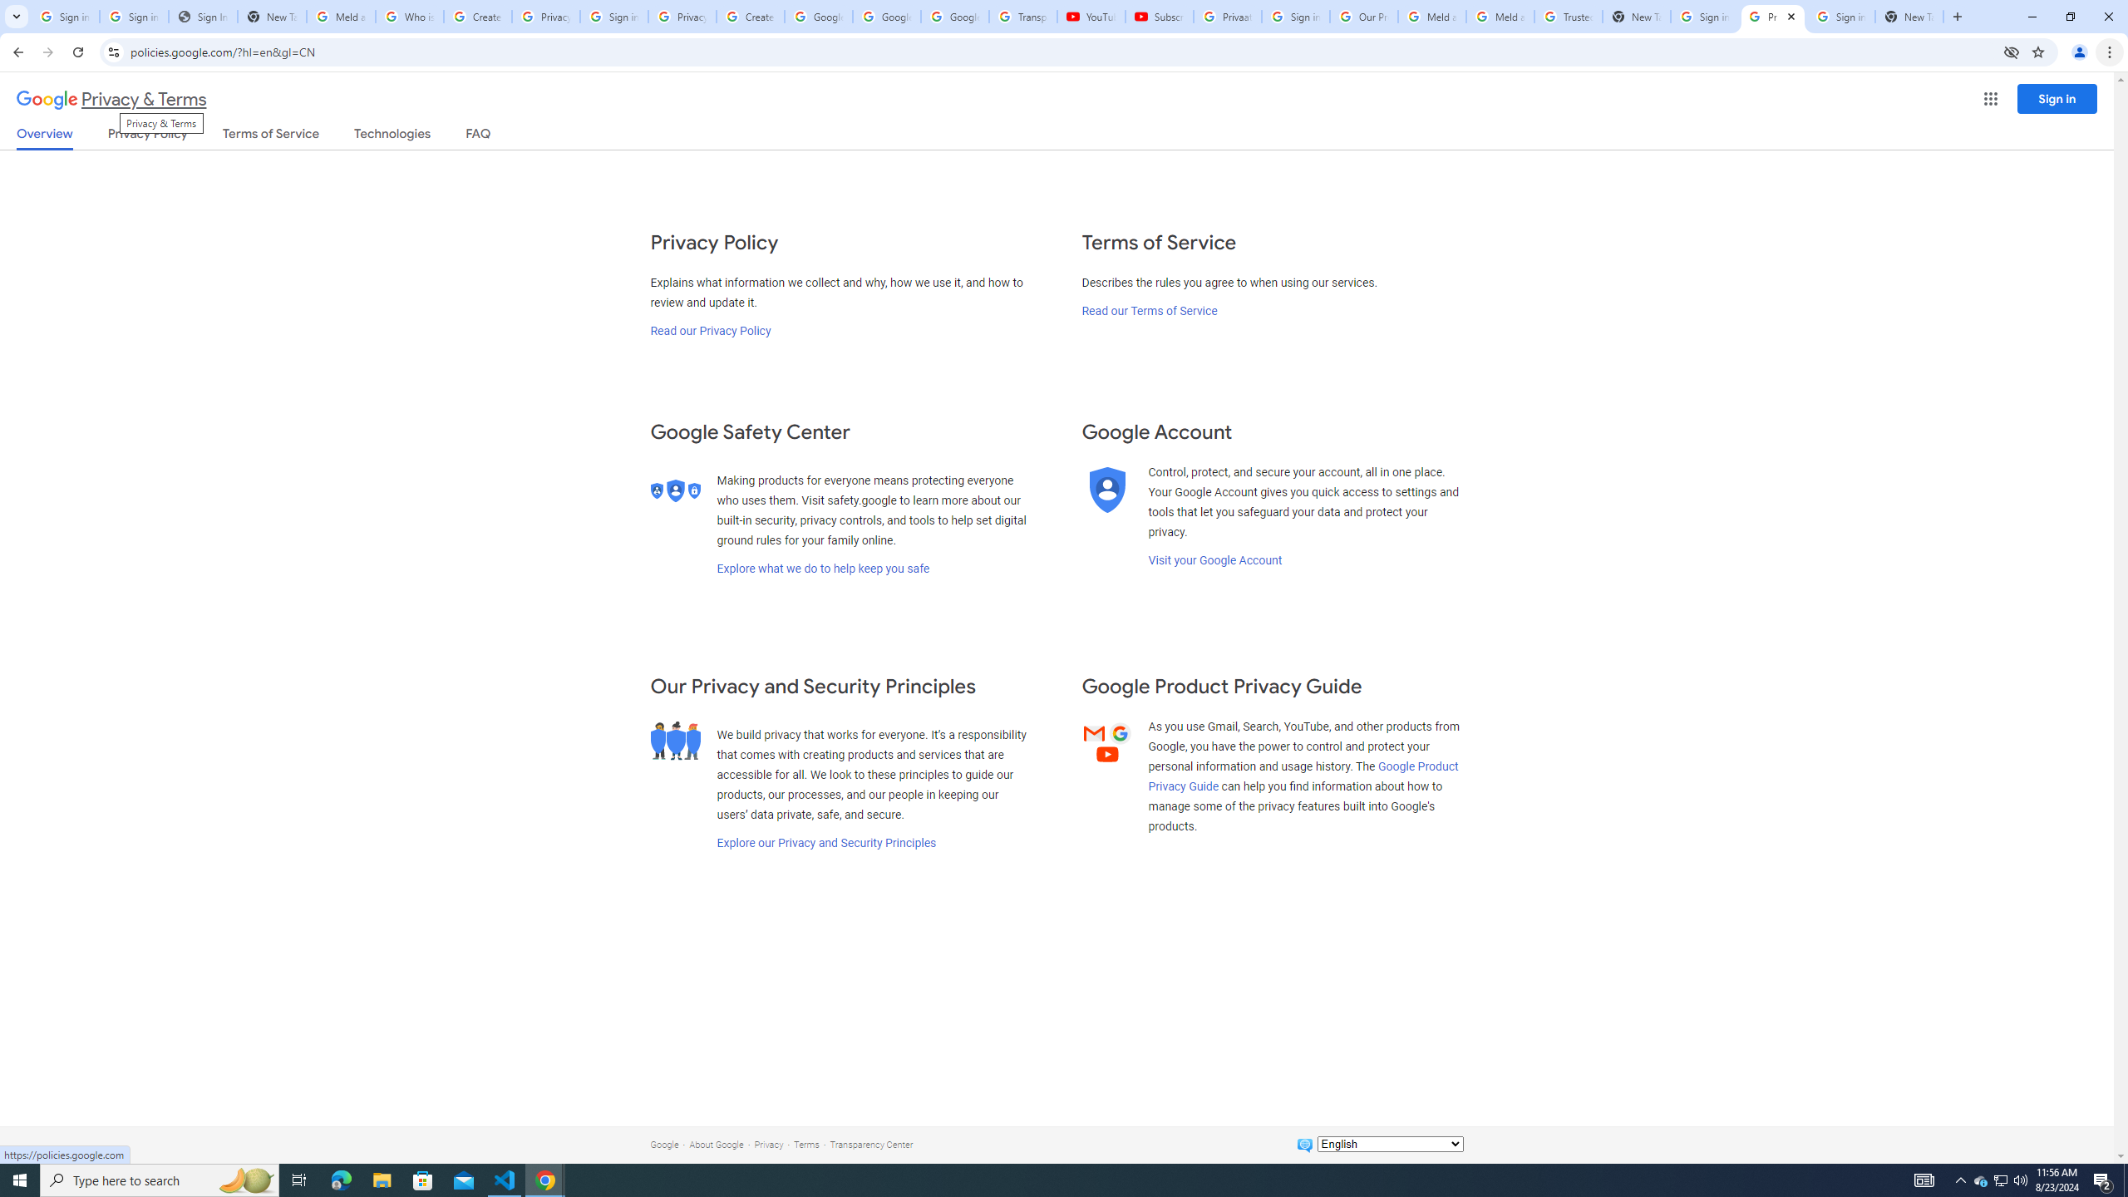  I want to click on 'Bookmark this tab', so click(2037, 51).